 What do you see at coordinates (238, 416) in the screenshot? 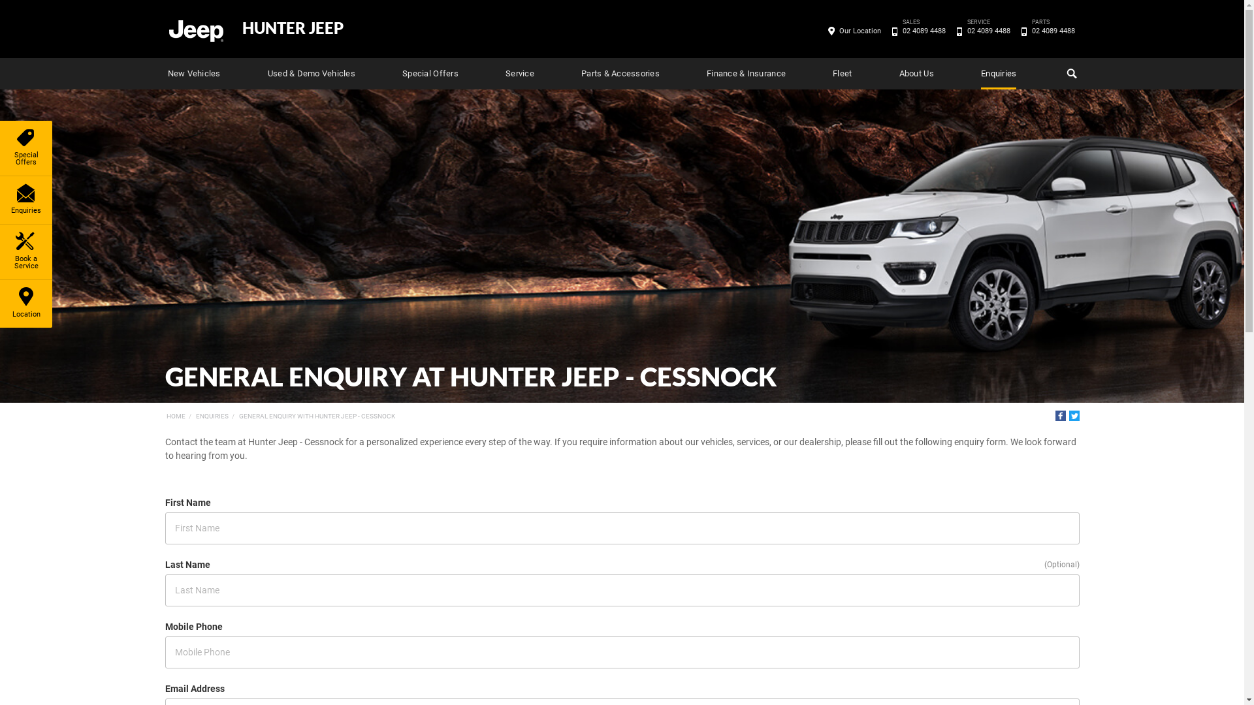
I see `'GENERAL ENQUIRY WITH HUNTER JEEP - CESSNOCK'` at bounding box center [238, 416].